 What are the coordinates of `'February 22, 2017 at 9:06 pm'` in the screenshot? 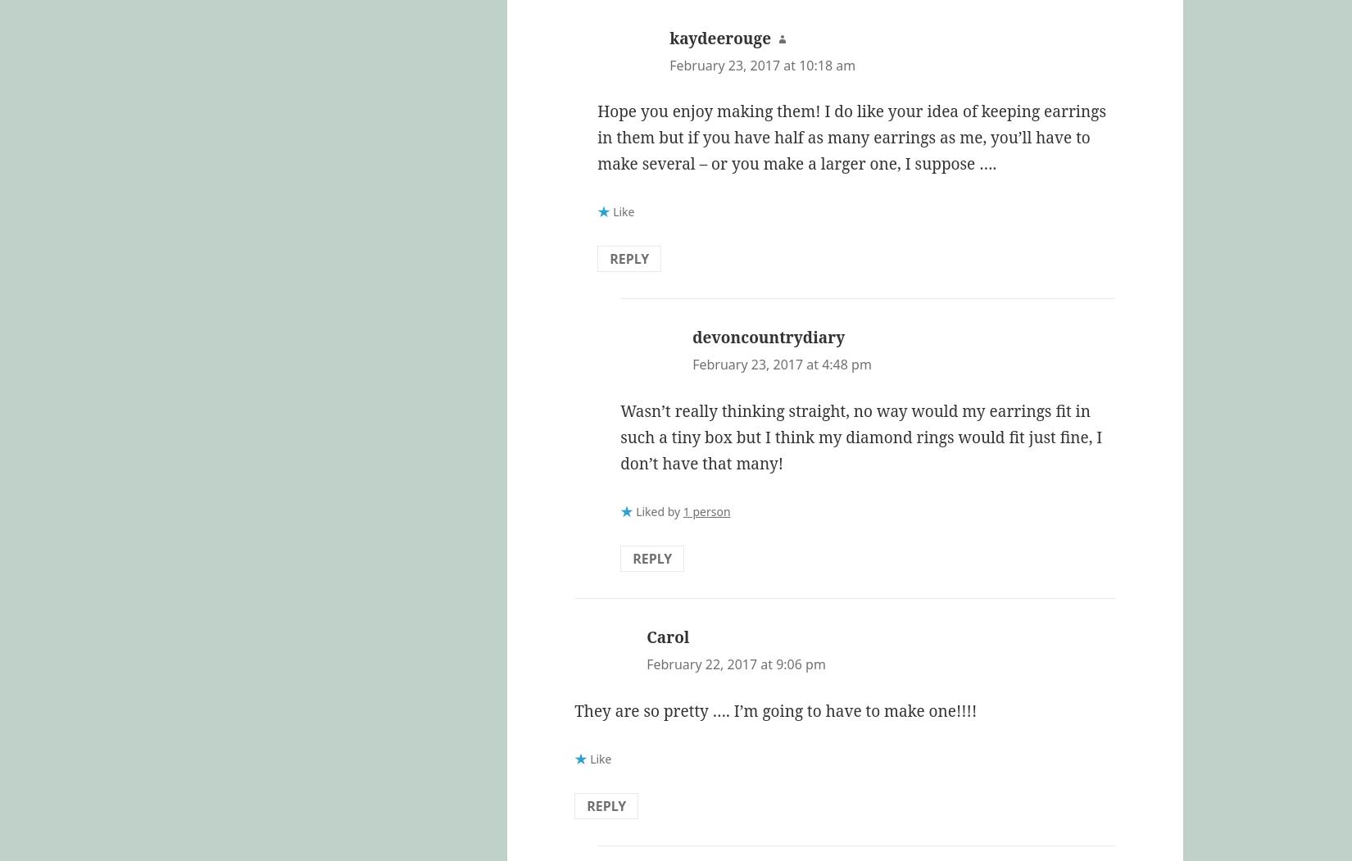 It's located at (735, 664).